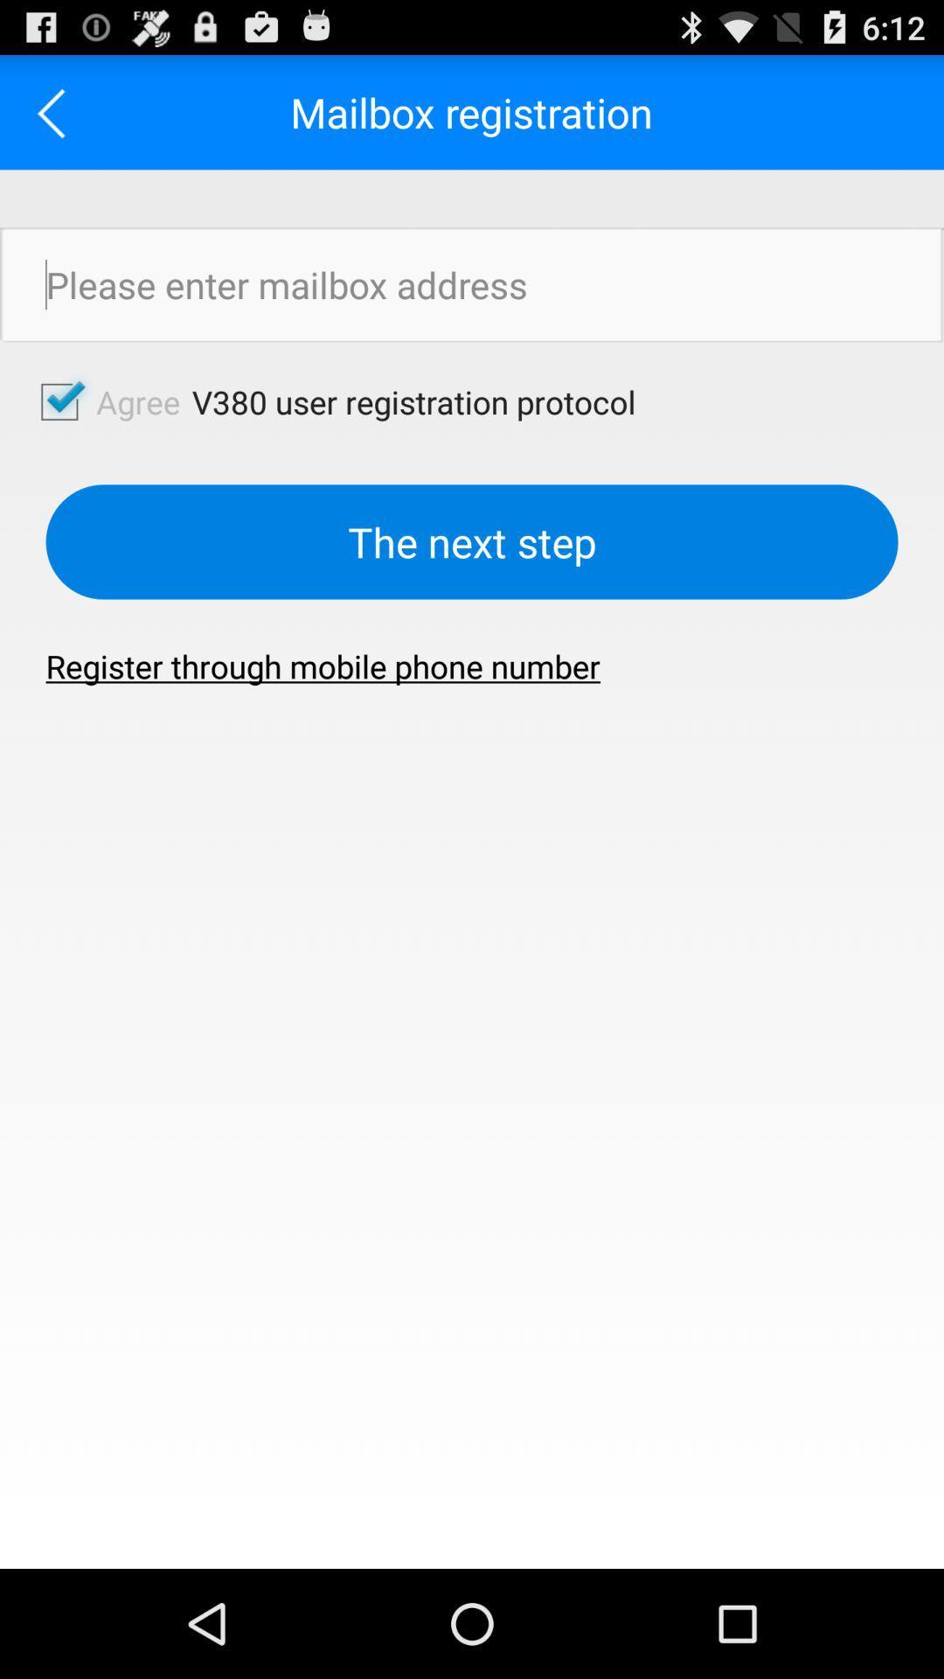 This screenshot has width=944, height=1679. I want to click on register through mobile icon, so click(323, 665).